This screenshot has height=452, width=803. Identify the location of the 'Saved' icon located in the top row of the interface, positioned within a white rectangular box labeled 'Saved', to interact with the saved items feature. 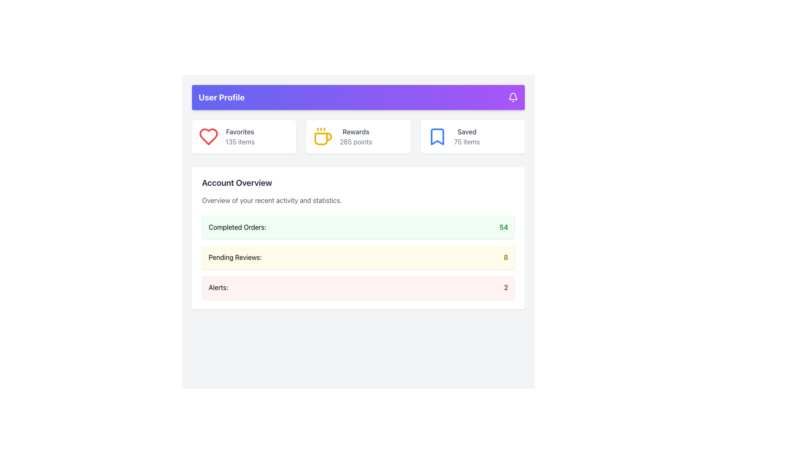
(437, 136).